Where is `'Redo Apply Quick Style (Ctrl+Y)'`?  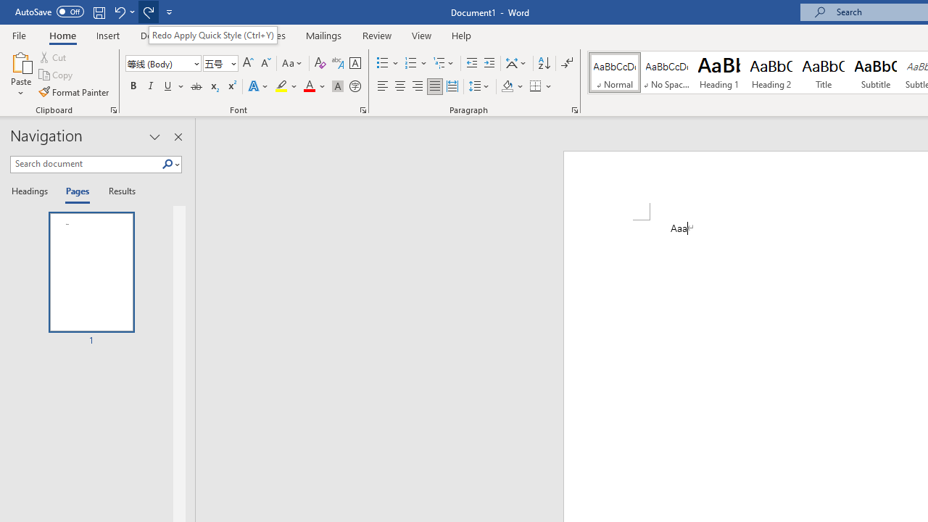 'Redo Apply Quick Style (Ctrl+Y)' is located at coordinates (212, 34).